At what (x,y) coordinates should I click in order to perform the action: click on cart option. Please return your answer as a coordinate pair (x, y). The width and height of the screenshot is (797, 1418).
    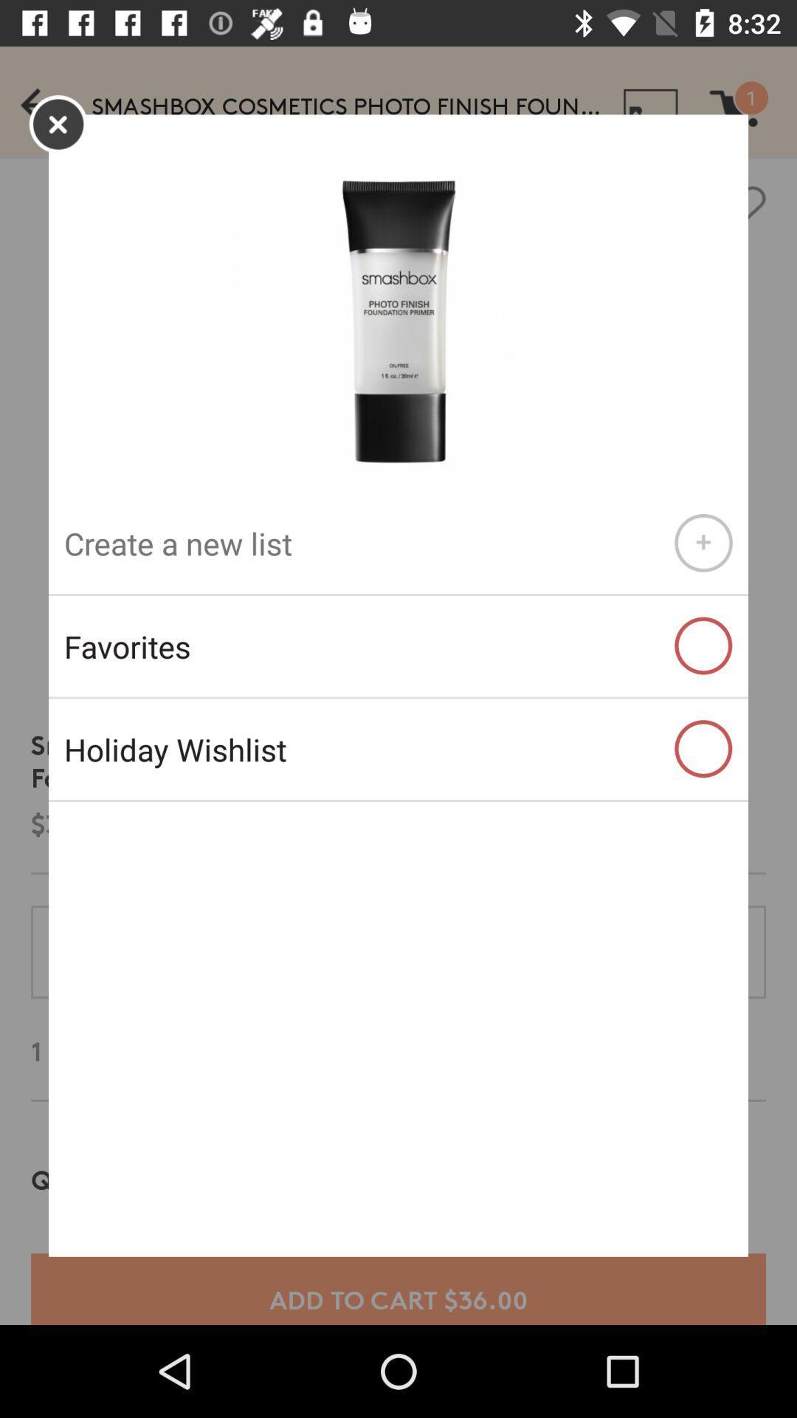
    Looking at the image, I should click on (748, 100).